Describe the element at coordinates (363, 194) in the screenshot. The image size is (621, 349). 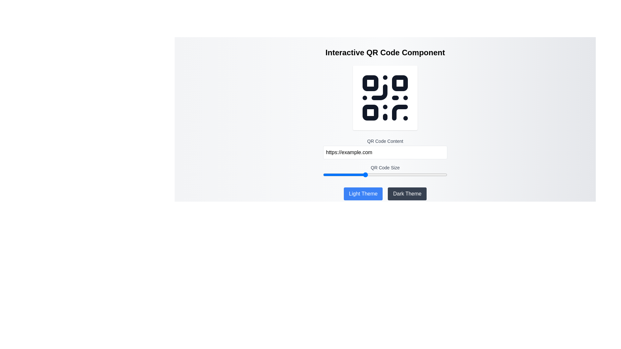
I see `the leftmost rectangular button with rounded corners that has a solid blue background and white text reading 'Light Theme'` at that location.